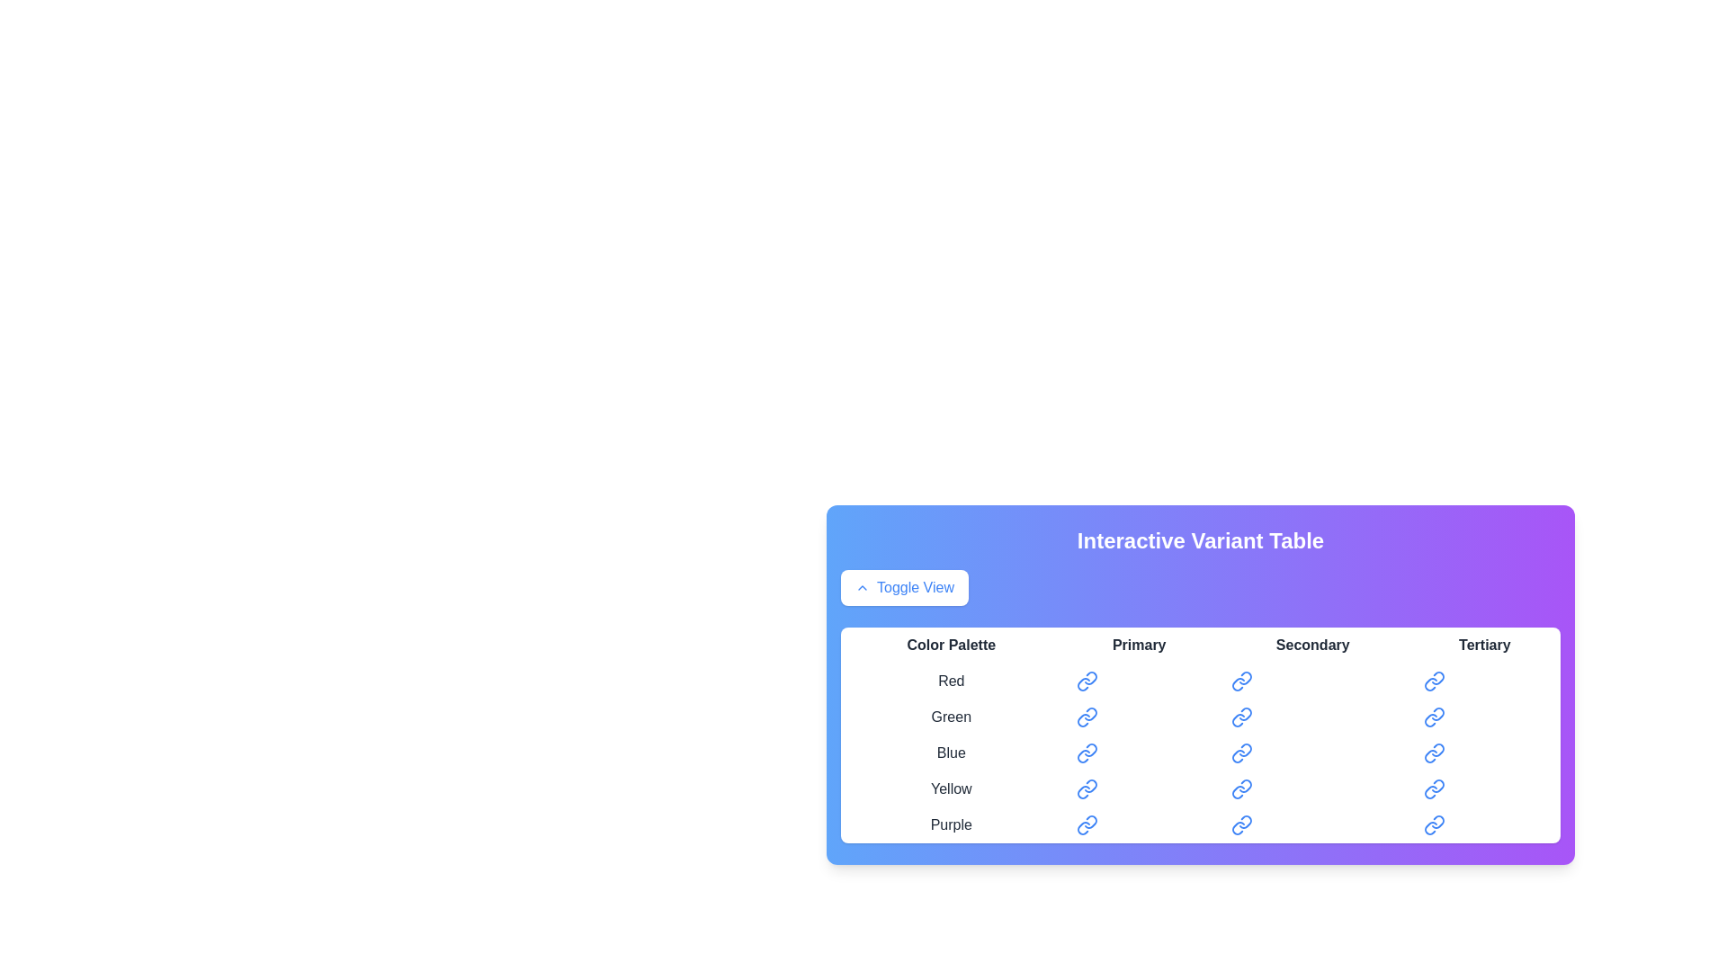  Describe the element at coordinates (1240, 788) in the screenshot. I see `the hyperlink-style icon located under the 'Secondary' column aligned with the 'Yellow' row` at that location.